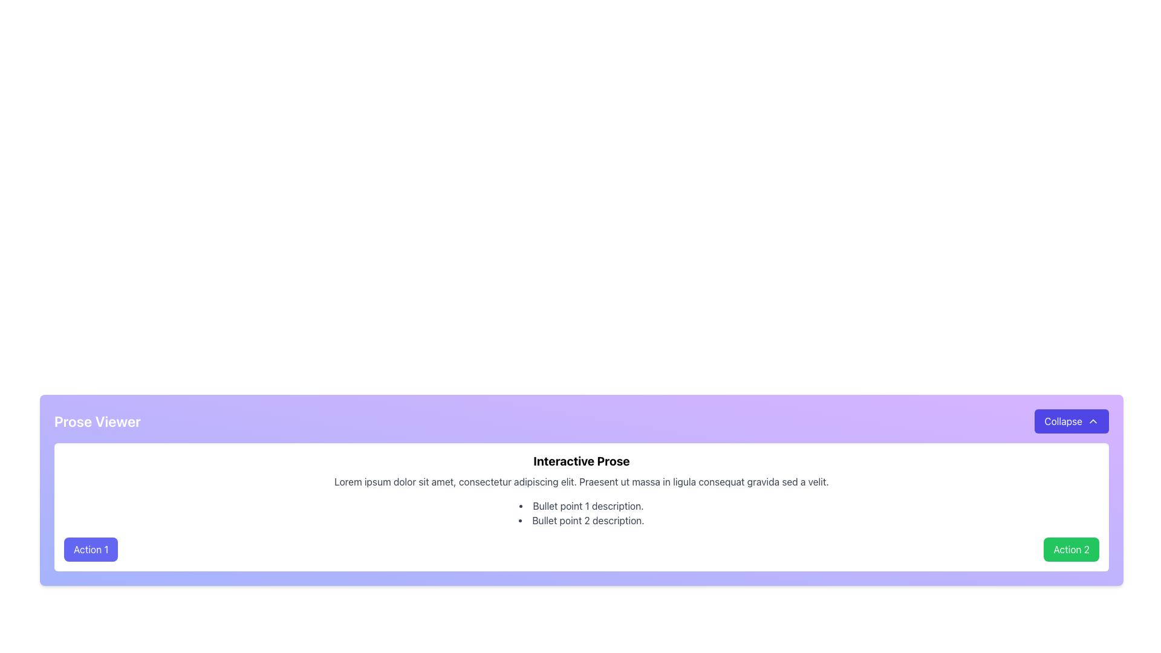 Image resolution: width=1161 pixels, height=653 pixels. Describe the element at coordinates (1071, 421) in the screenshot. I see `the button located in the top-right corner of the header section` at that location.